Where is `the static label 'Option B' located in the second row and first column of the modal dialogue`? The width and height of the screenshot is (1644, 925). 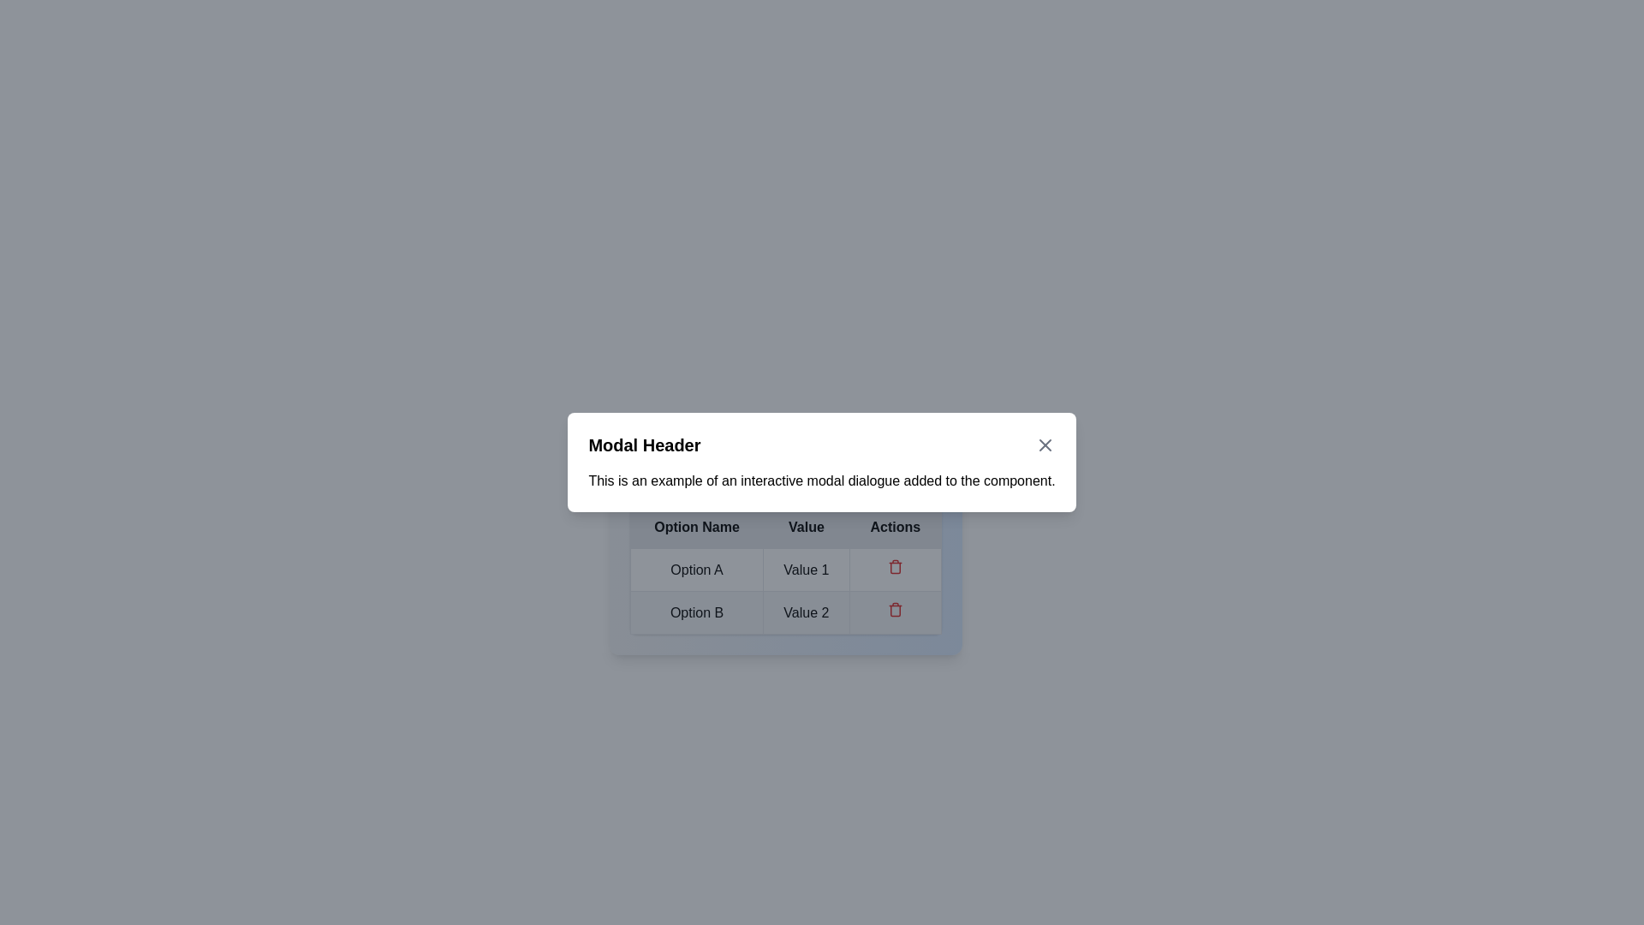 the static label 'Option B' located in the second row and first column of the modal dialogue is located at coordinates (697, 612).